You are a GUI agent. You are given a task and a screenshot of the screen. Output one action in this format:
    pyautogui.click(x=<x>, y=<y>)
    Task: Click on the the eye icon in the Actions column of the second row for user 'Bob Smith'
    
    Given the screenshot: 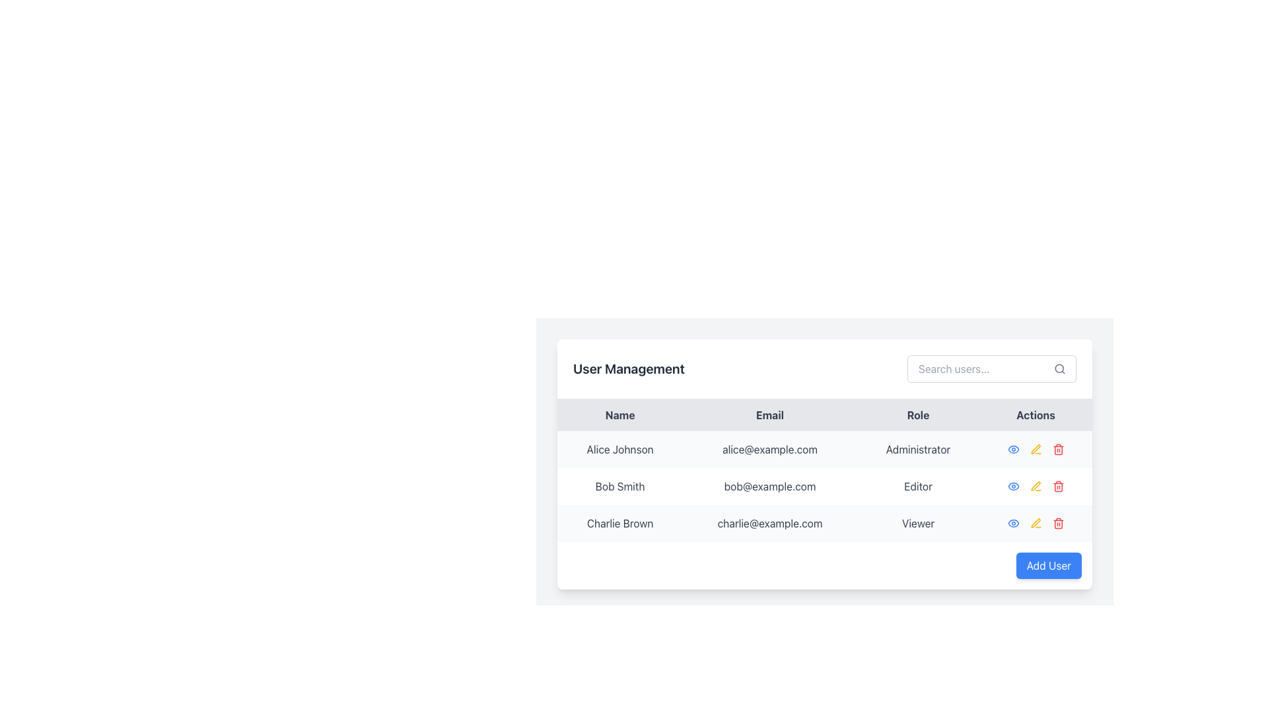 What is the action you would take?
    pyautogui.click(x=1012, y=486)
    